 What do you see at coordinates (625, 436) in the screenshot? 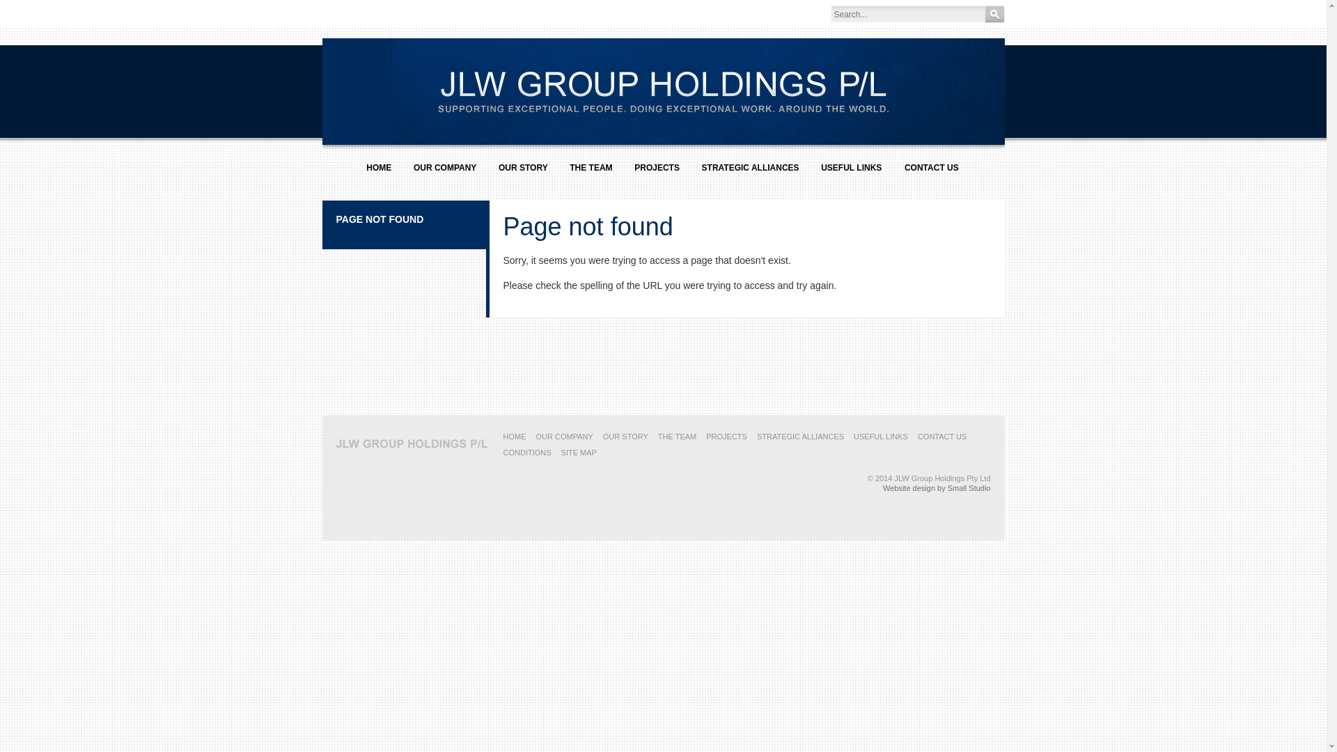
I see `'OUR STORY'` at bounding box center [625, 436].